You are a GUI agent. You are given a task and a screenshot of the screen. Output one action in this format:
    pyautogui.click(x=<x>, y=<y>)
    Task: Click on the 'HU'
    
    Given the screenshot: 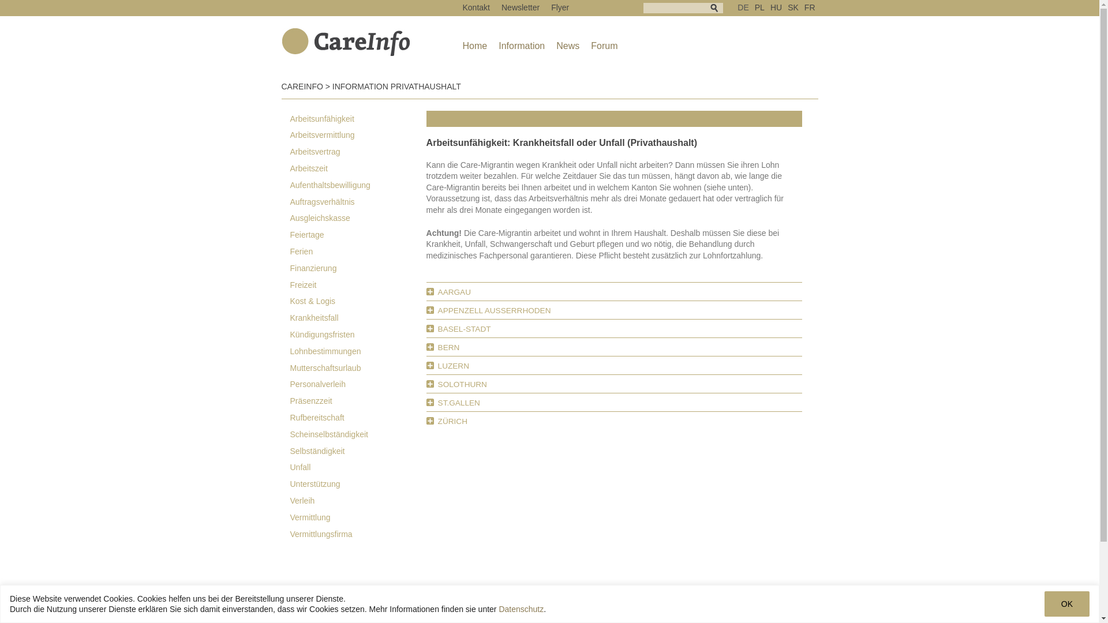 What is the action you would take?
    pyautogui.click(x=776, y=7)
    